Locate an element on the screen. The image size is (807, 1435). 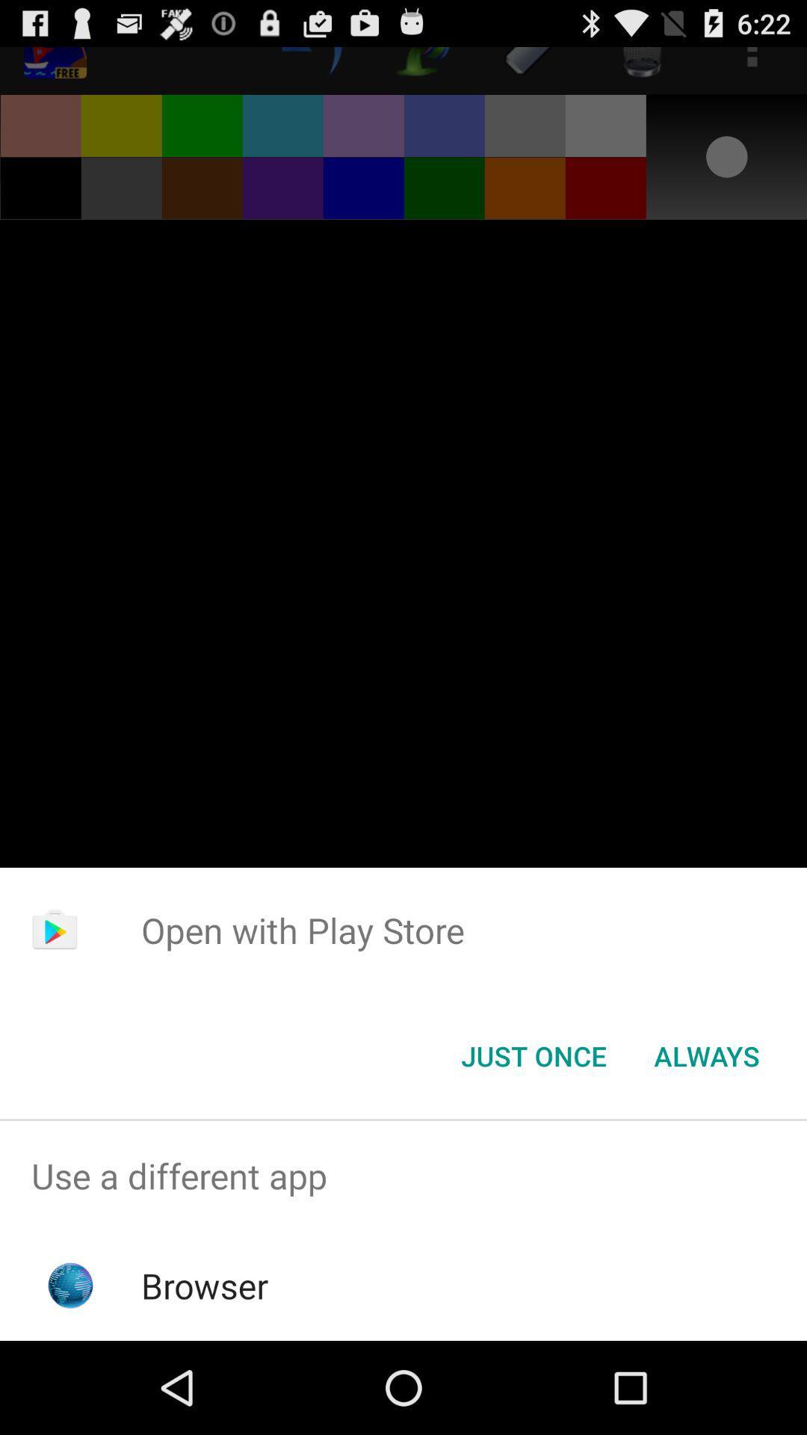
the just once is located at coordinates (533, 1055).